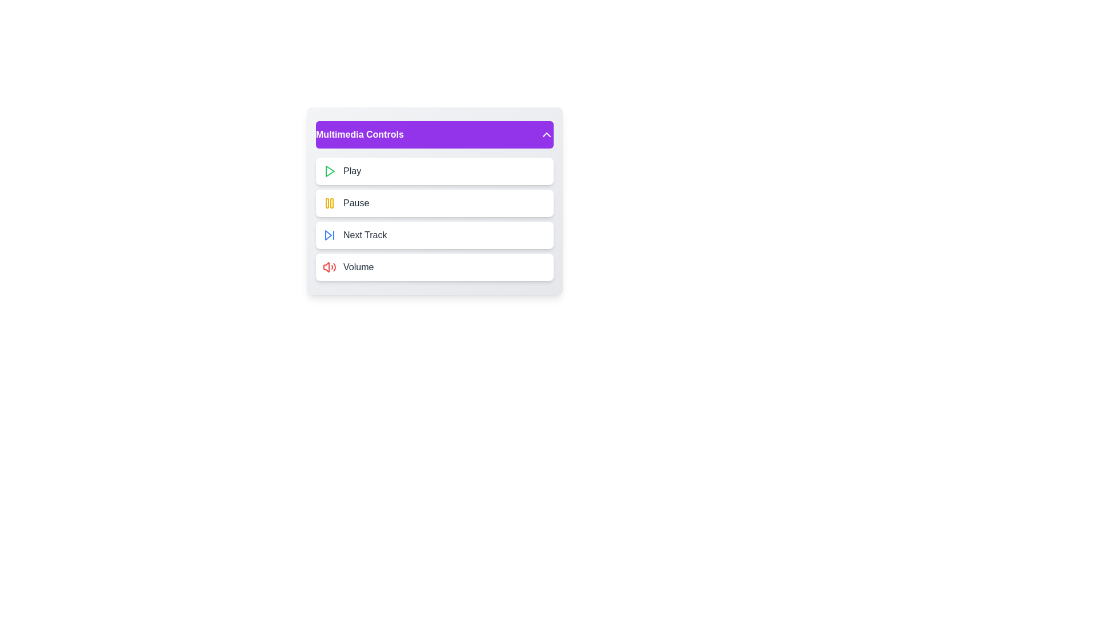  What do you see at coordinates (434, 267) in the screenshot?
I see `the fourth button in the vertical stack of control buttons, located below the 'Next Track' button` at bounding box center [434, 267].